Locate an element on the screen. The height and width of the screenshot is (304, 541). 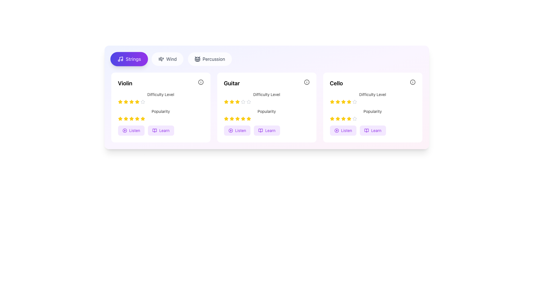
the small gray static text labeled 'Popularity' located in the second card titled 'Guitar', positioned below the 'Difficulty Level' text and above another row of rating stars is located at coordinates (266, 111).